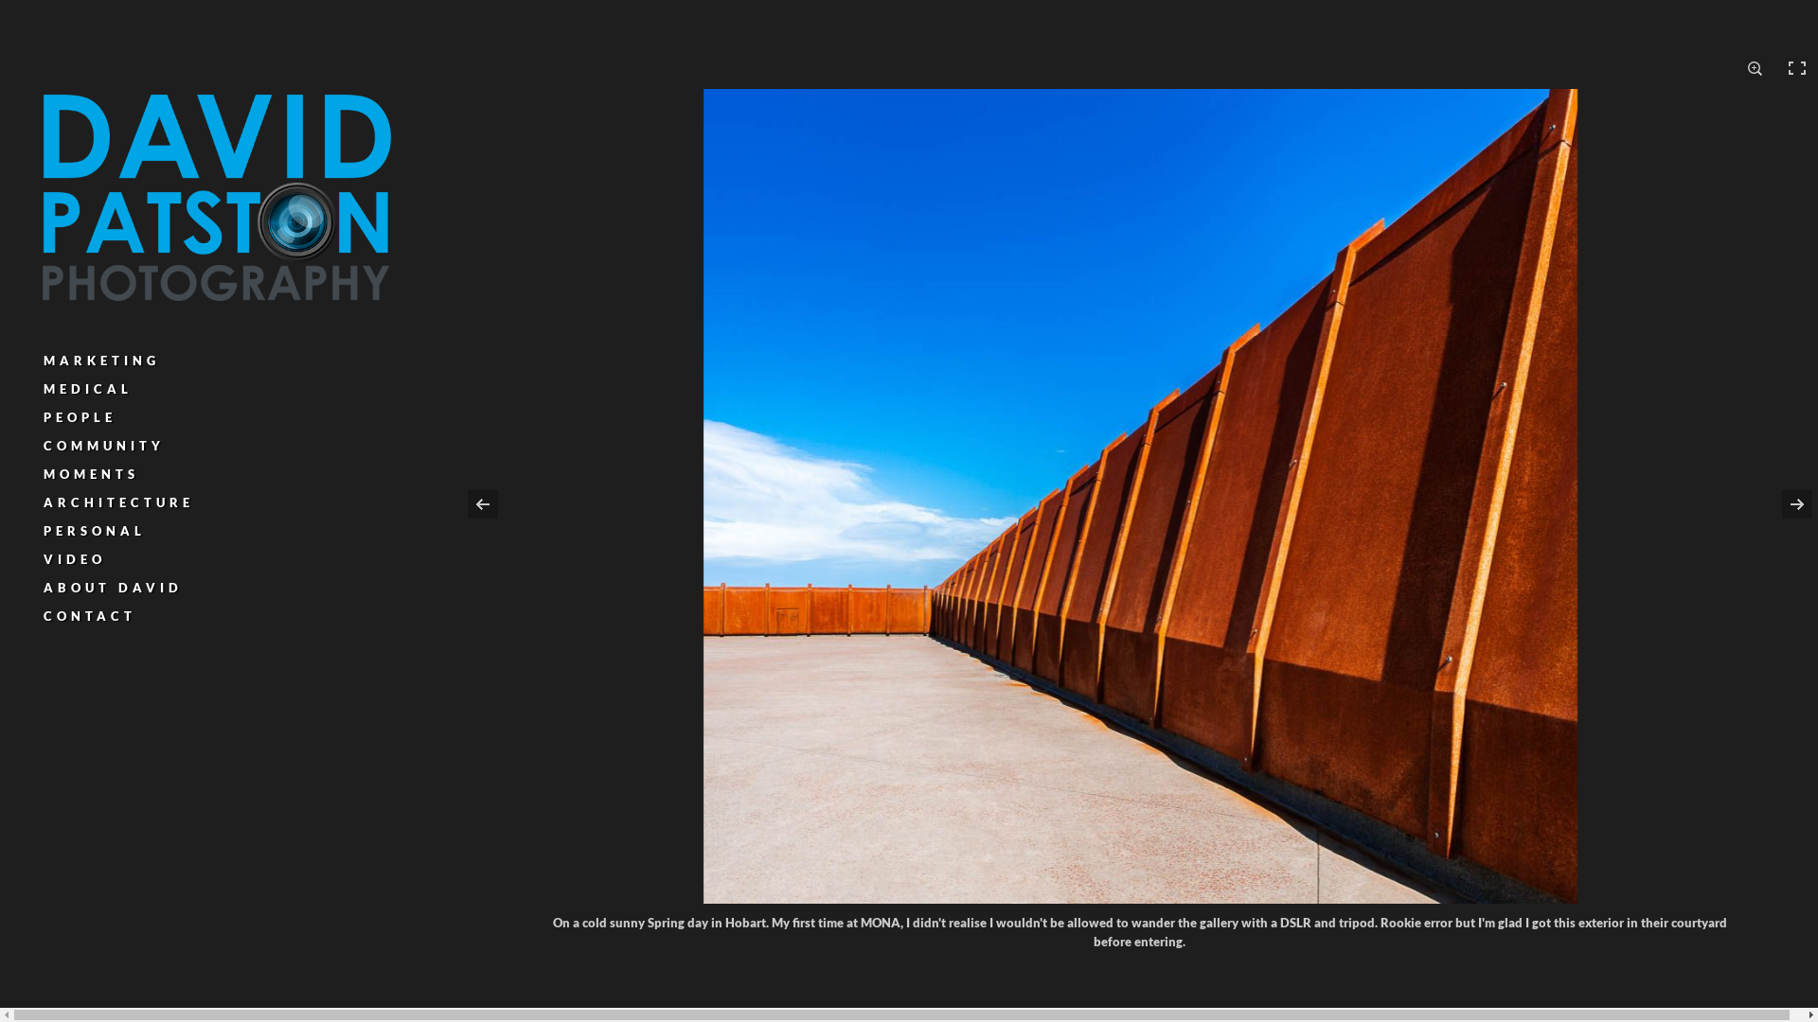 This screenshot has width=1818, height=1022. Describe the element at coordinates (112, 587) in the screenshot. I see `'ABOUT DAVID'` at that location.